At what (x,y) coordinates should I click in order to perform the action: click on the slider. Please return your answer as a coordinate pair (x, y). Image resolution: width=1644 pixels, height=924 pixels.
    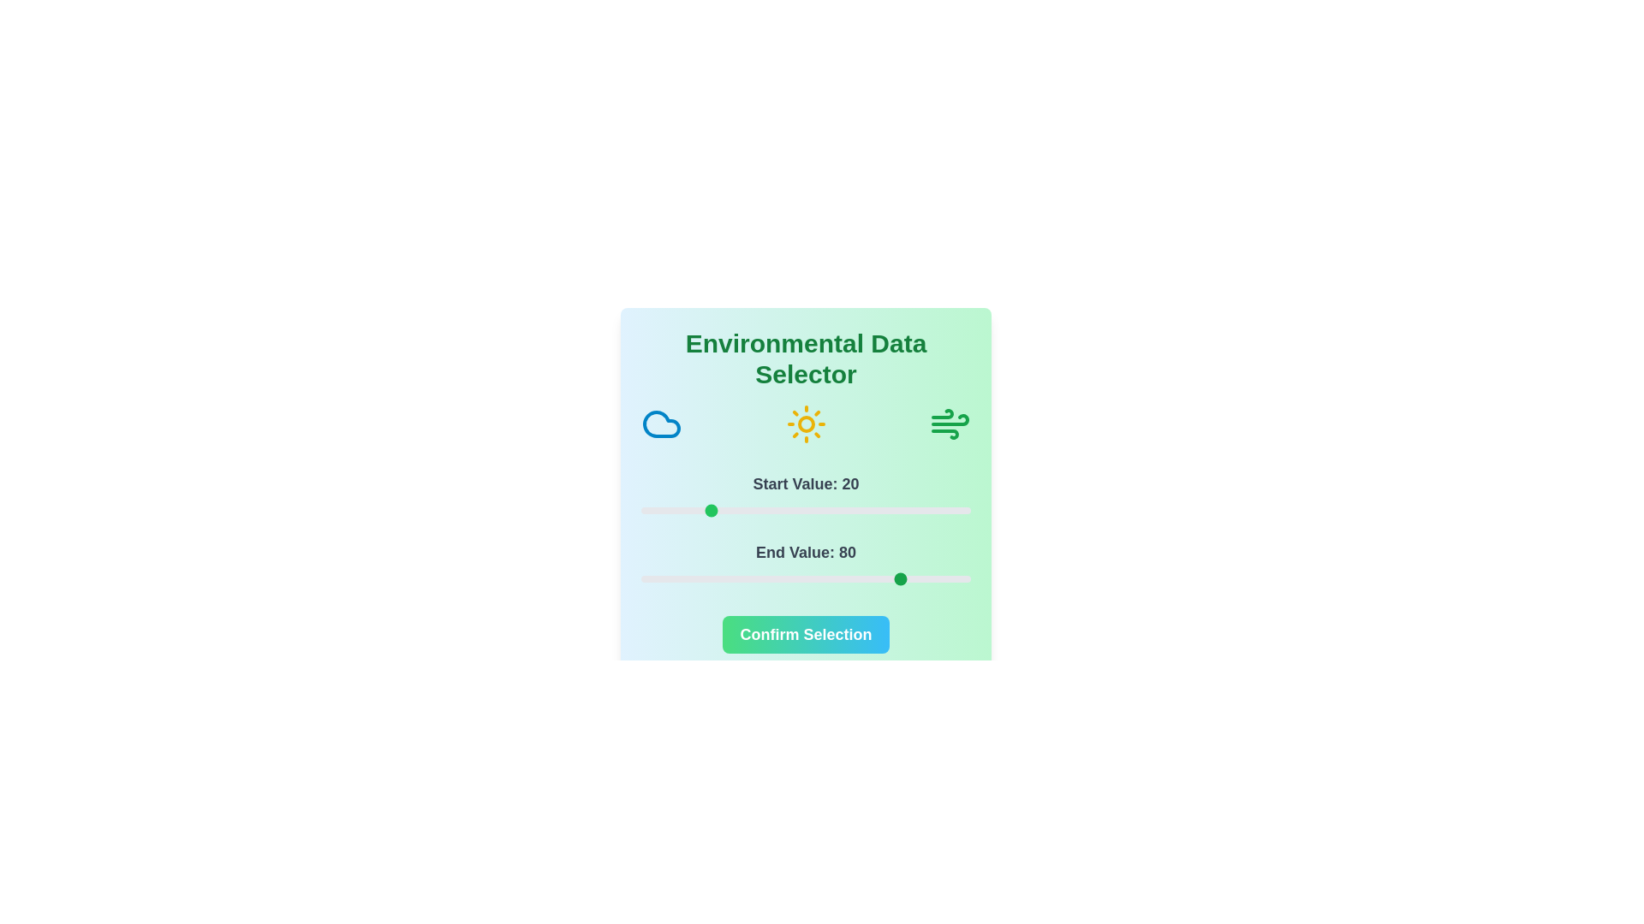
    Looking at the image, I should click on (730, 510).